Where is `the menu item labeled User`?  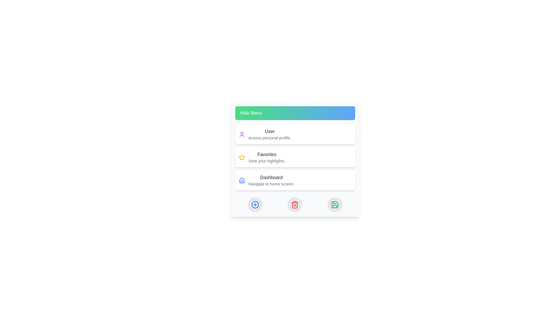 the menu item labeled User is located at coordinates (295, 134).